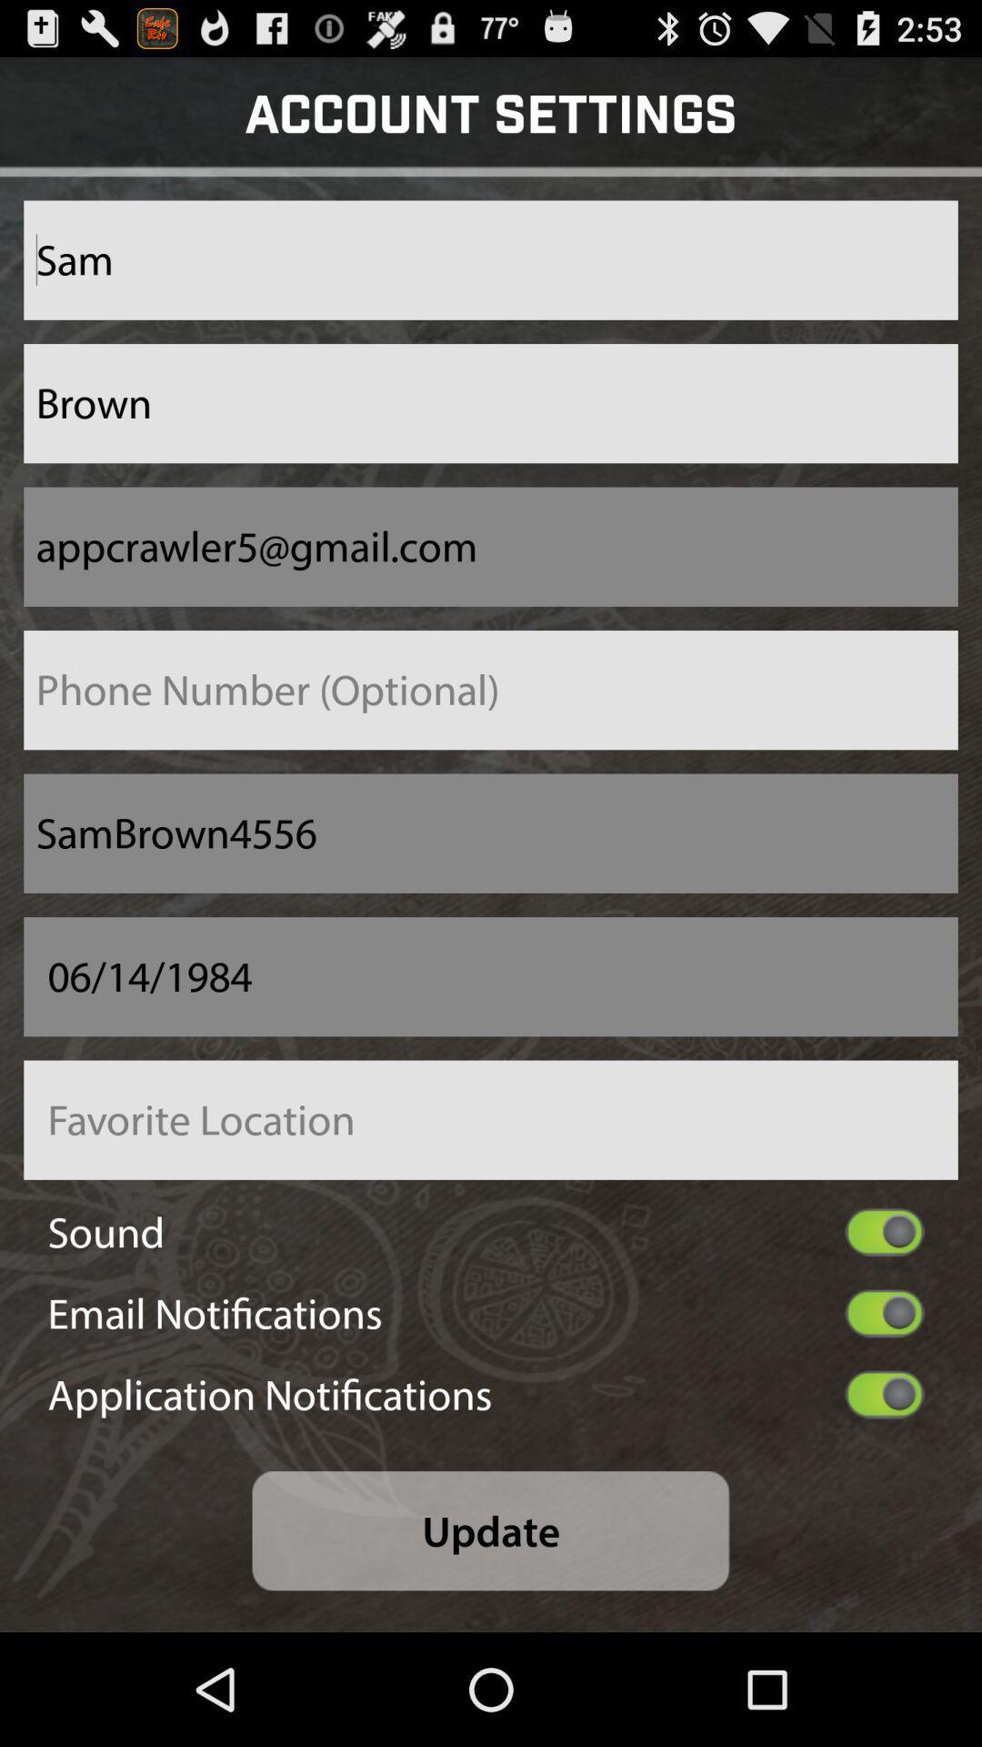 This screenshot has height=1747, width=982. Describe the element at coordinates (884, 1232) in the screenshot. I see `option` at that location.